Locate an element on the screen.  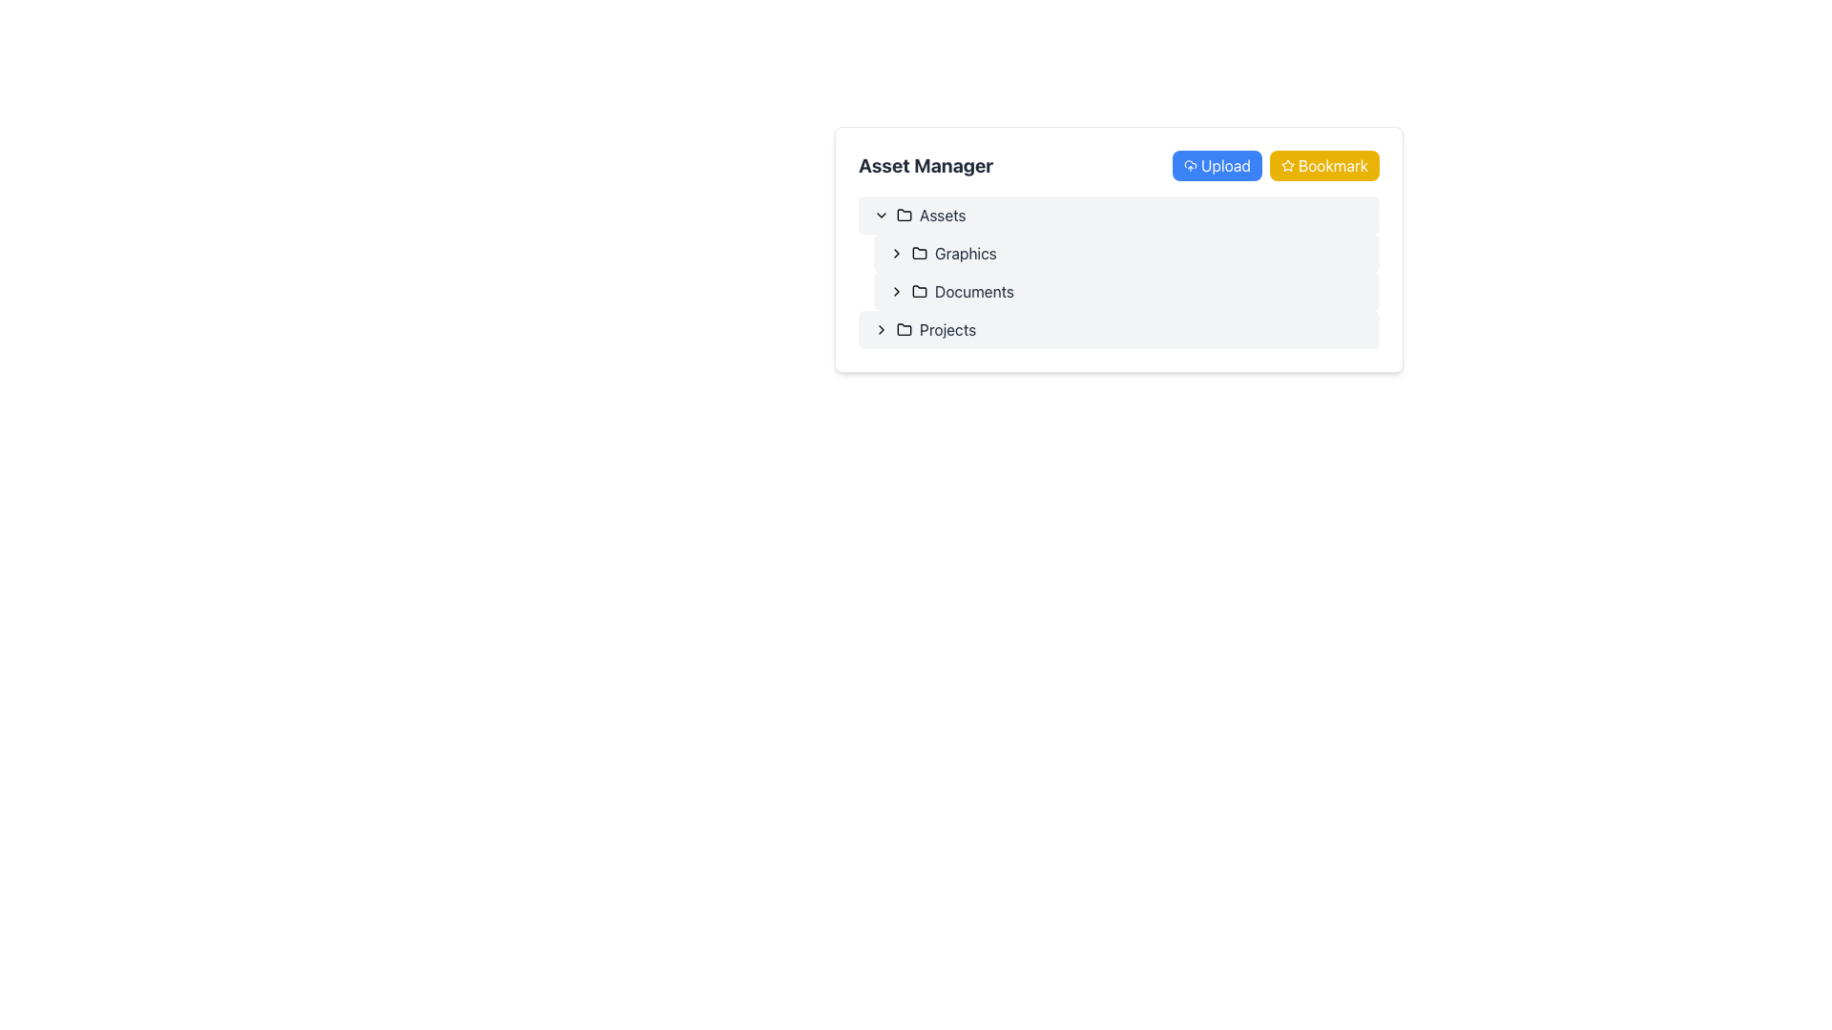
the chevron next to 'Documents' in the hierarchical navigation list is located at coordinates (1126, 272).